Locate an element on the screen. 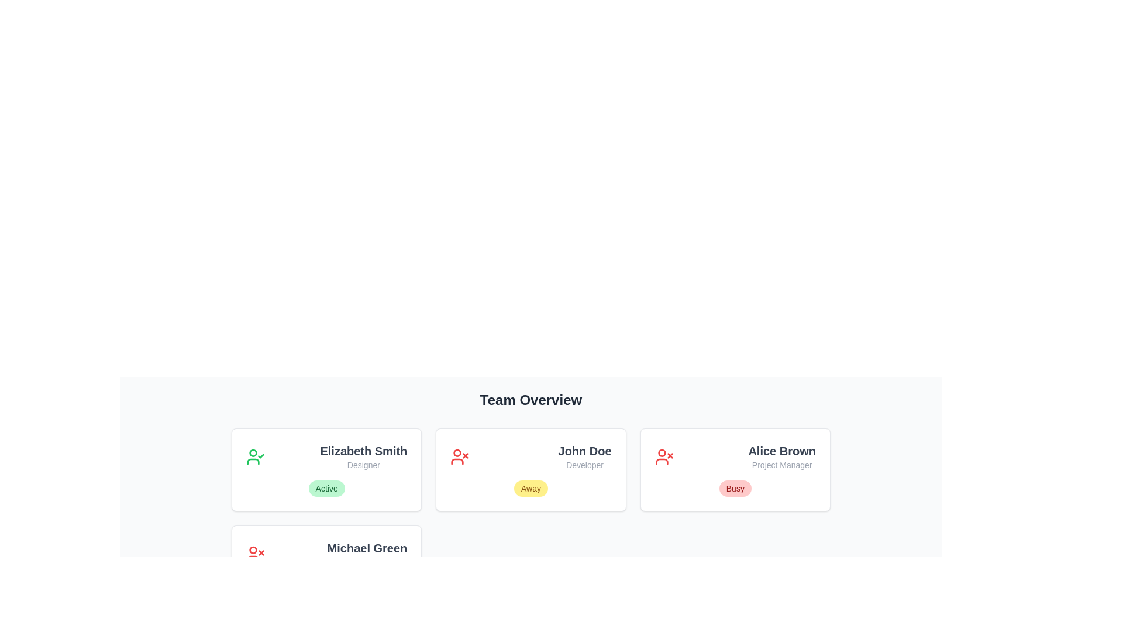 The height and width of the screenshot is (632, 1123). text content displayed in the card layout for 'Michael Green', which includes the bold name and the smaller title 'Tester' is located at coordinates (367, 554).